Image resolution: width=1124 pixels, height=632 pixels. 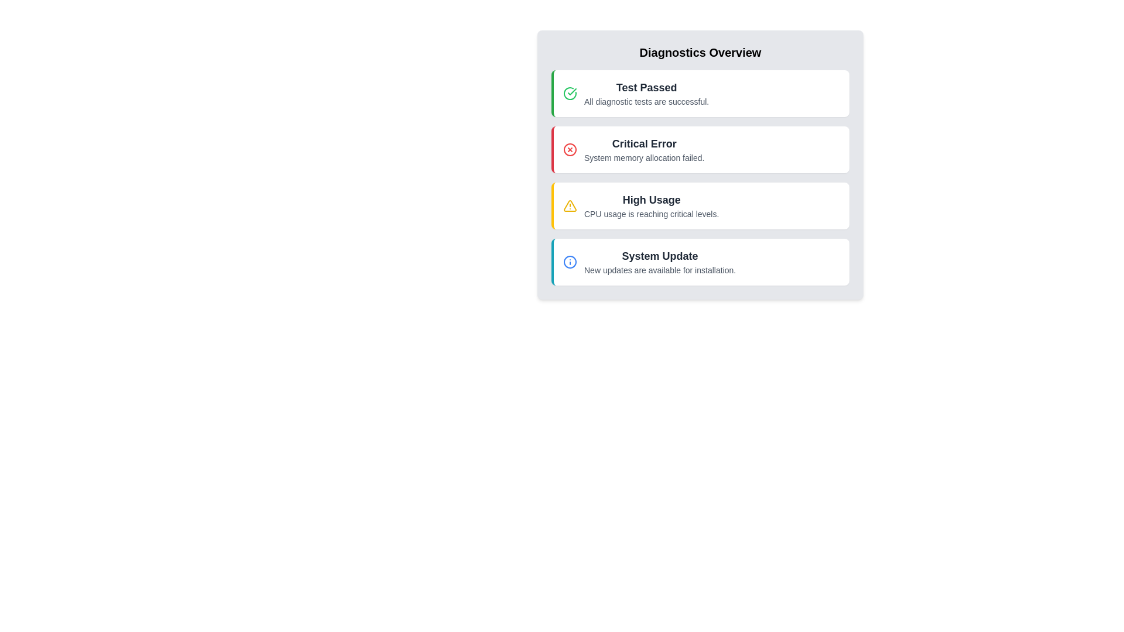 What do you see at coordinates (651, 205) in the screenshot?
I see `the alert/message block indicating critical CPU usage status, which is the third item in the list of diagnostic messages` at bounding box center [651, 205].